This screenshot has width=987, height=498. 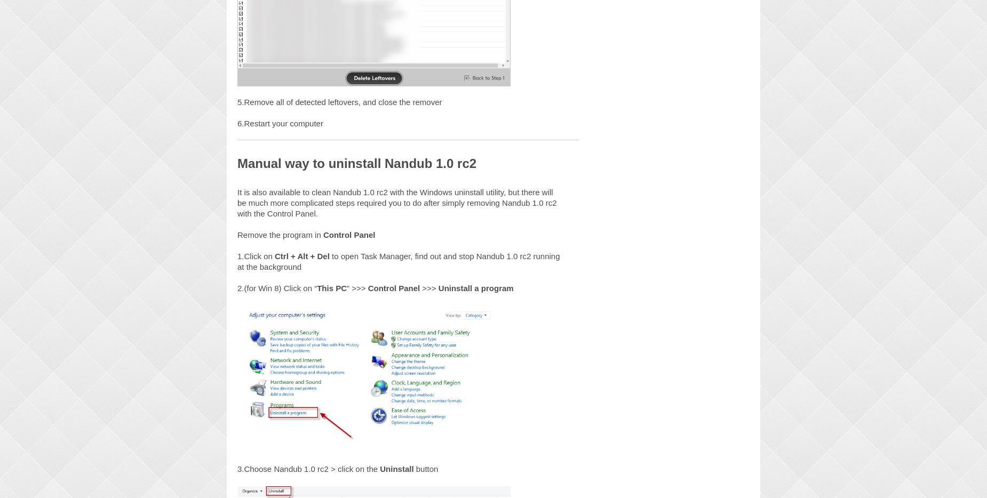 I want to click on 'This PC', so click(x=331, y=287).